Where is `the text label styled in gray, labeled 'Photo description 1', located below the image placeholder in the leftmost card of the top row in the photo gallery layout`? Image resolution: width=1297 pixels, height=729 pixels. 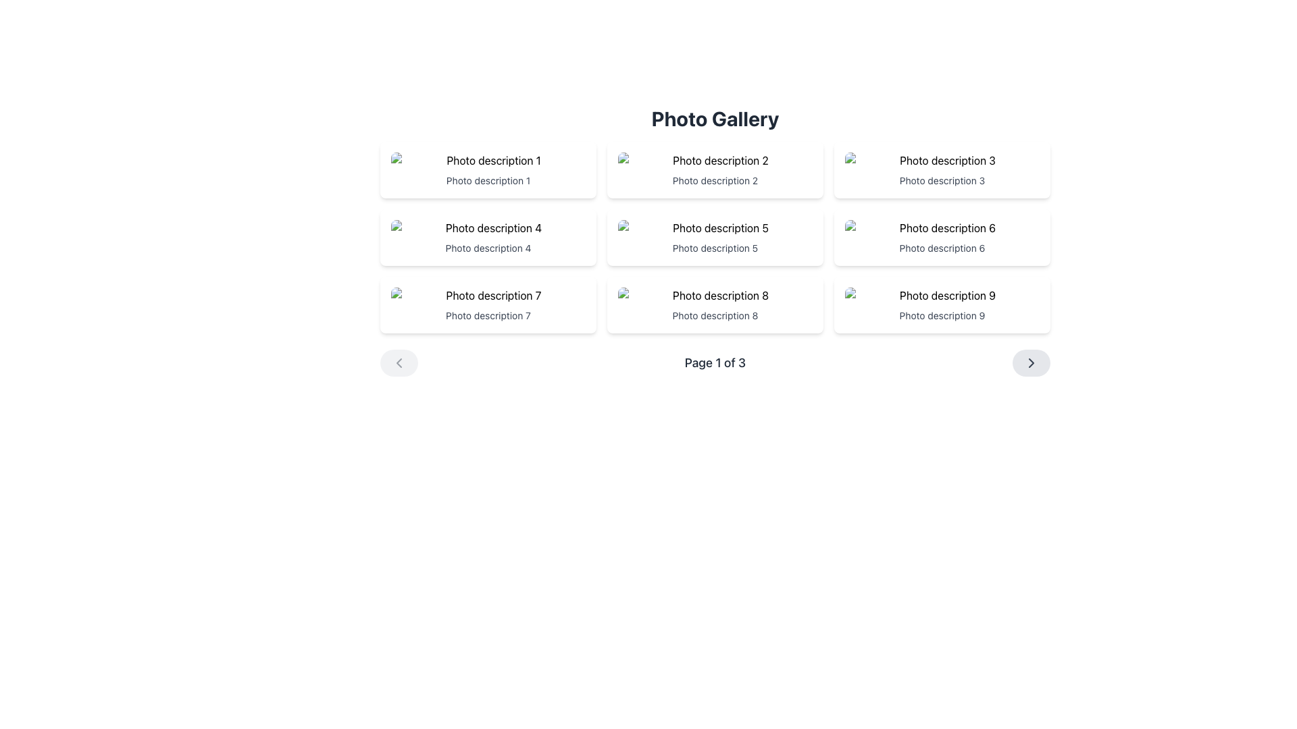
the text label styled in gray, labeled 'Photo description 1', located below the image placeholder in the leftmost card of the top row in the photo gallery layout is located at coordinates (488, 180).